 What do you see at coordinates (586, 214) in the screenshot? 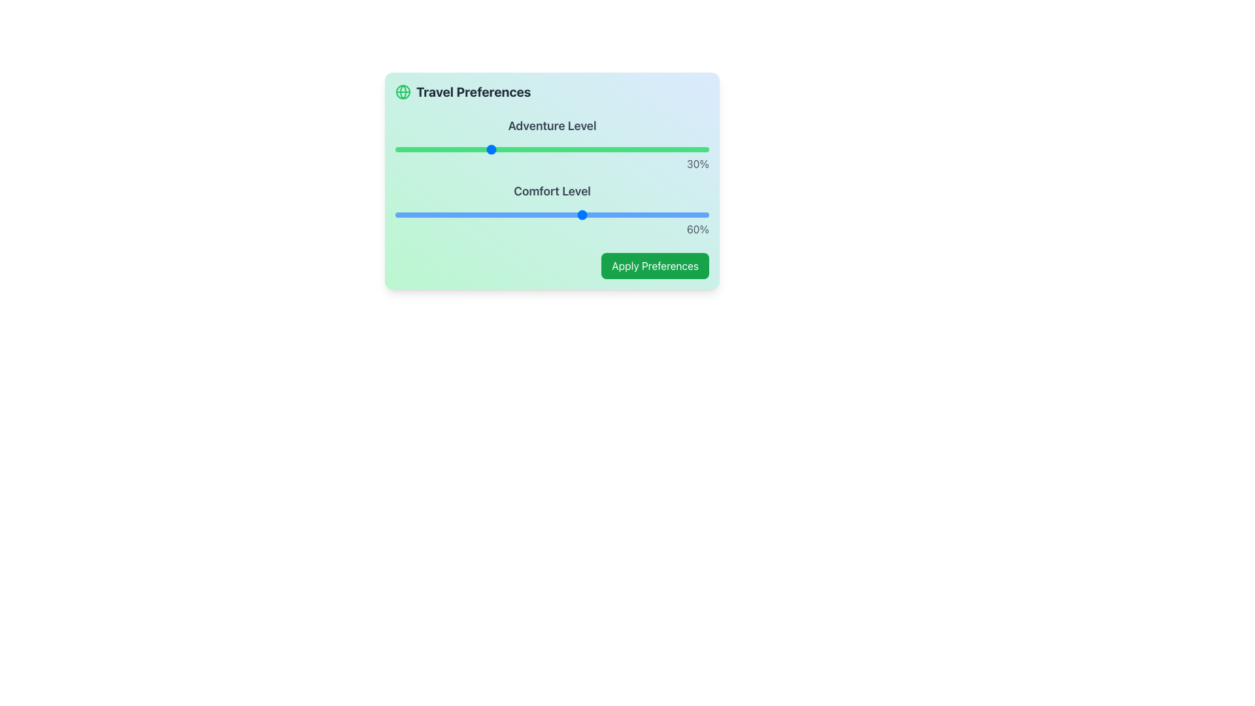
I see `the comfort level` at bounding box center [586, 214].